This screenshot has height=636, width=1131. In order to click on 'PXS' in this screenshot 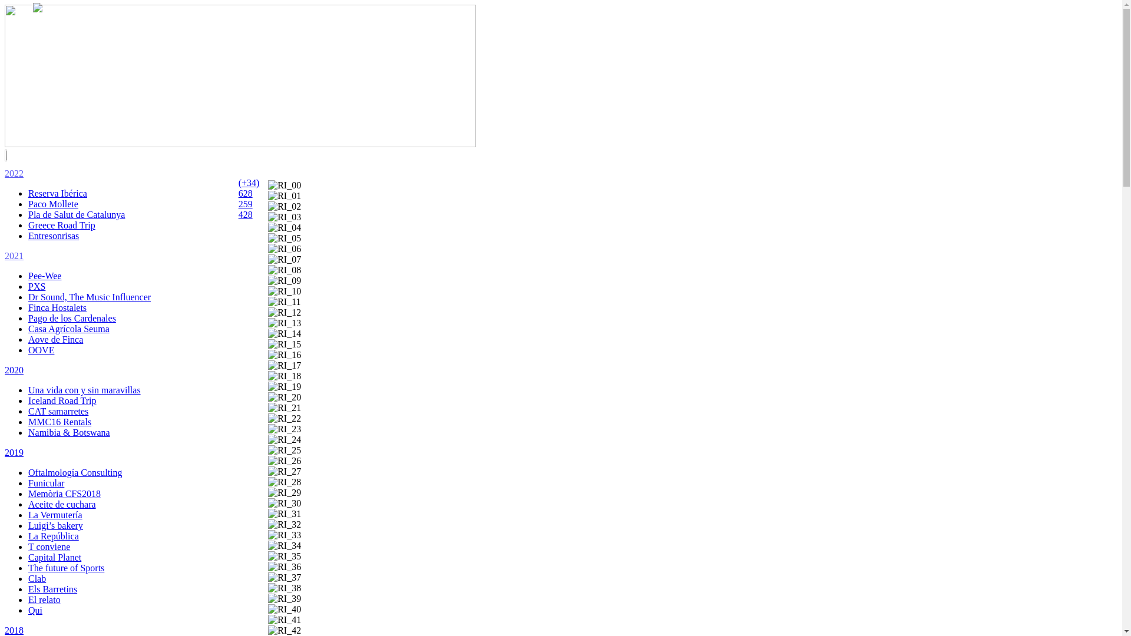, I will do `click(37, 286)`.